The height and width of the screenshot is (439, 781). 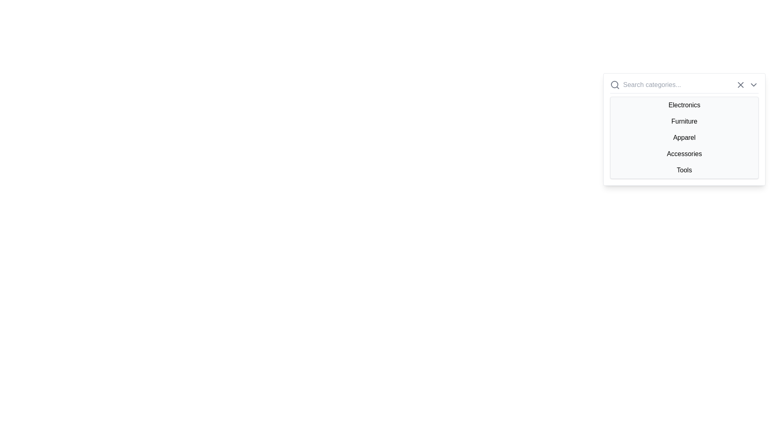 What do you see at coordinates (615, 85) in the screenshot?
I see `the magnifying glass icon styled as a search symbol located at the left-most side of the top search bar interface` at bounding box center [615, 85].